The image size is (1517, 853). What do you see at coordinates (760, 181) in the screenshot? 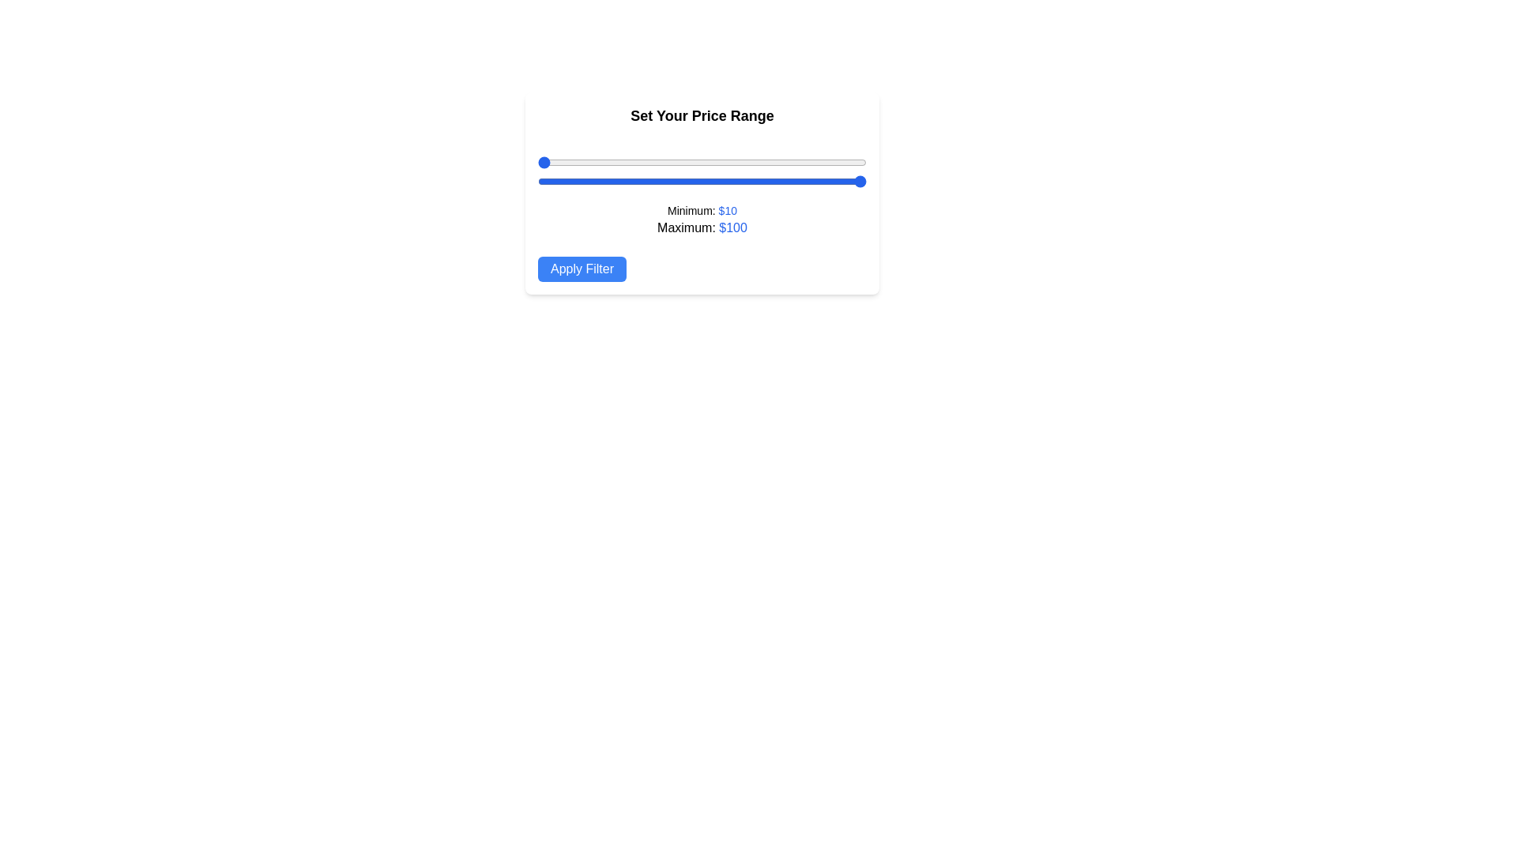
I see `the slider` at bounding box center [760, 181].